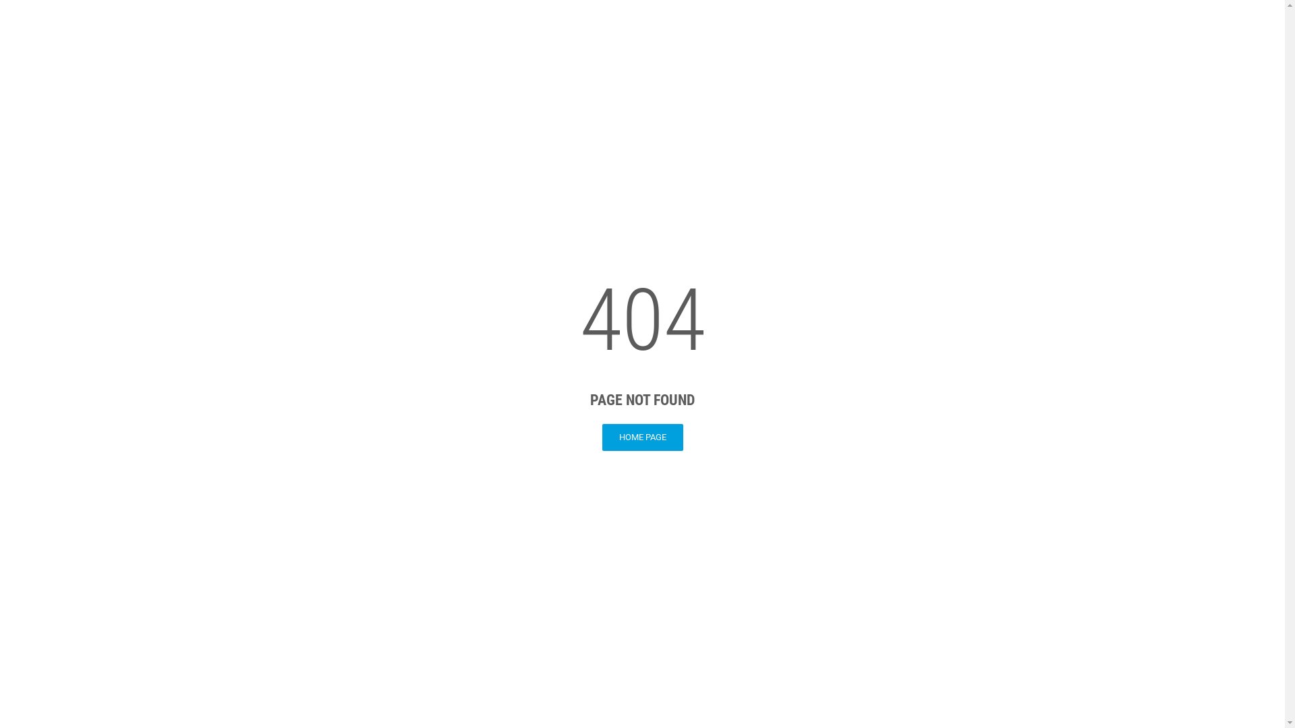  Describe the element at coordinates (641, 437) in the screenshot. I see `'HOME PAGE'` at that location.